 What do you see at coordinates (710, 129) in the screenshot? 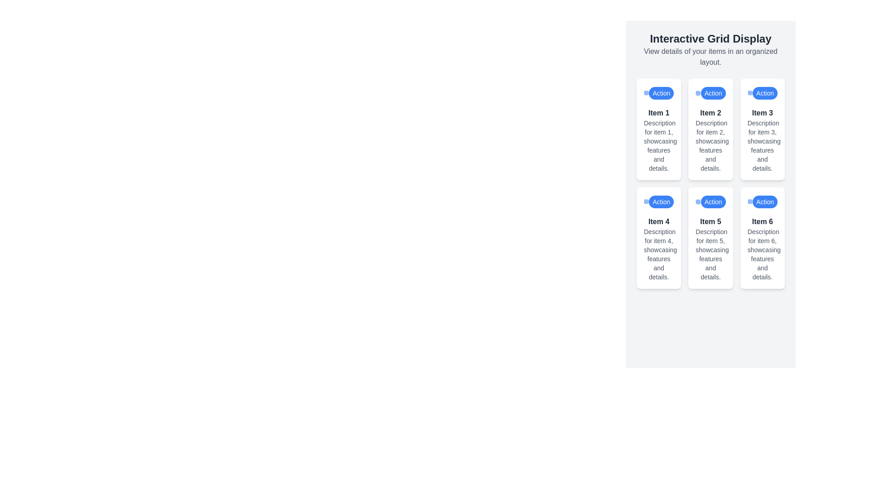
I see `the second card in a 3x2 grid layout, which contains an action button and text content, to trigger the hover effect` at bounding box center [710, 129].